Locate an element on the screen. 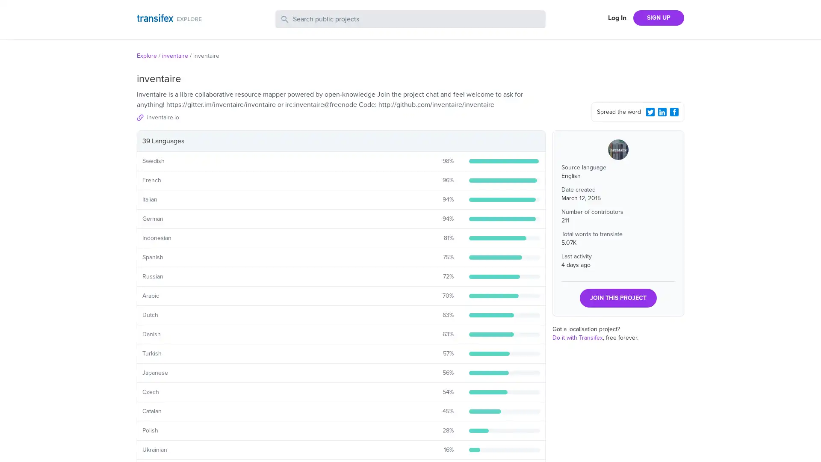 The image size is (821, 462). Facebook Share is located at coordinates (674, 112).